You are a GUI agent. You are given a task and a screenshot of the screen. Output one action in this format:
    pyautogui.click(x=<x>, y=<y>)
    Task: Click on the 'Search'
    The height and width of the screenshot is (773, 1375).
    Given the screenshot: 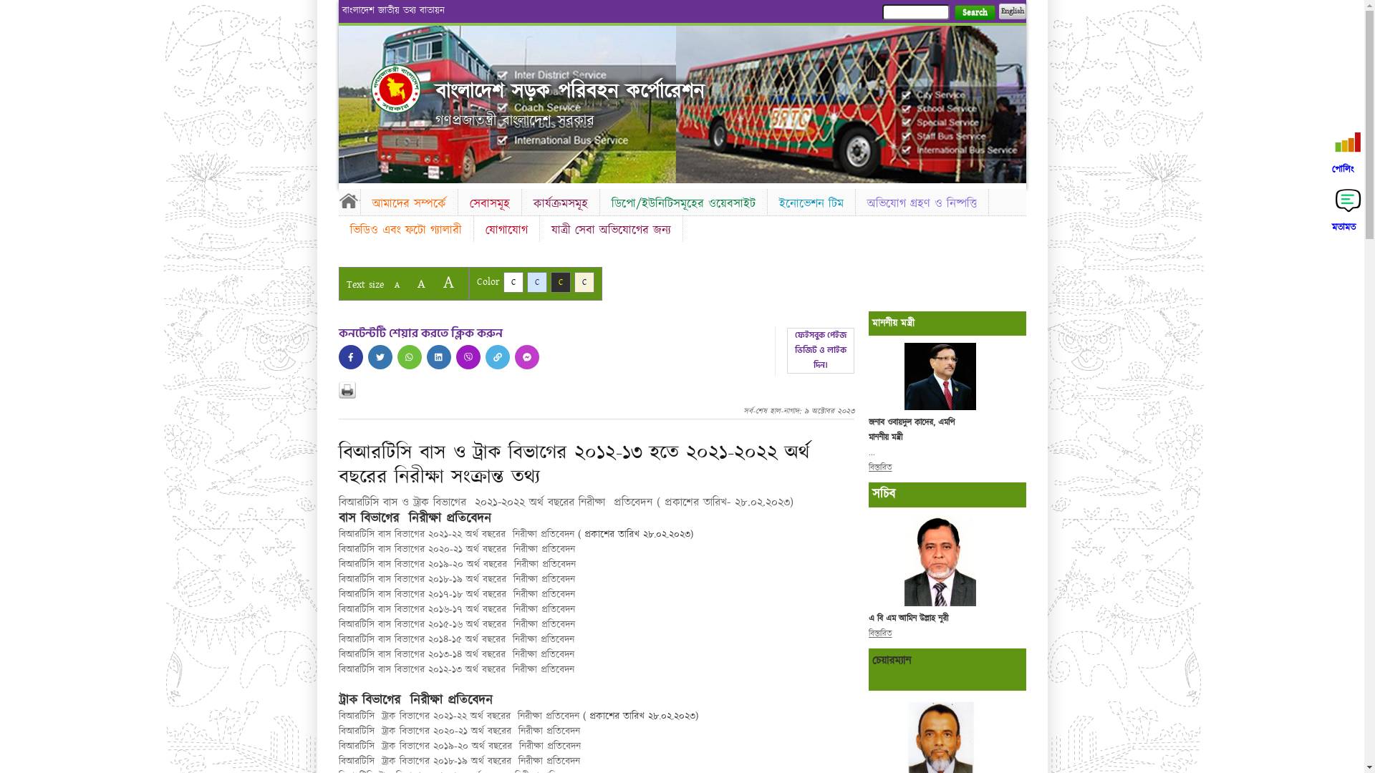 What is the action you would take?
    pyautogui.click(x=974, y=12)
    